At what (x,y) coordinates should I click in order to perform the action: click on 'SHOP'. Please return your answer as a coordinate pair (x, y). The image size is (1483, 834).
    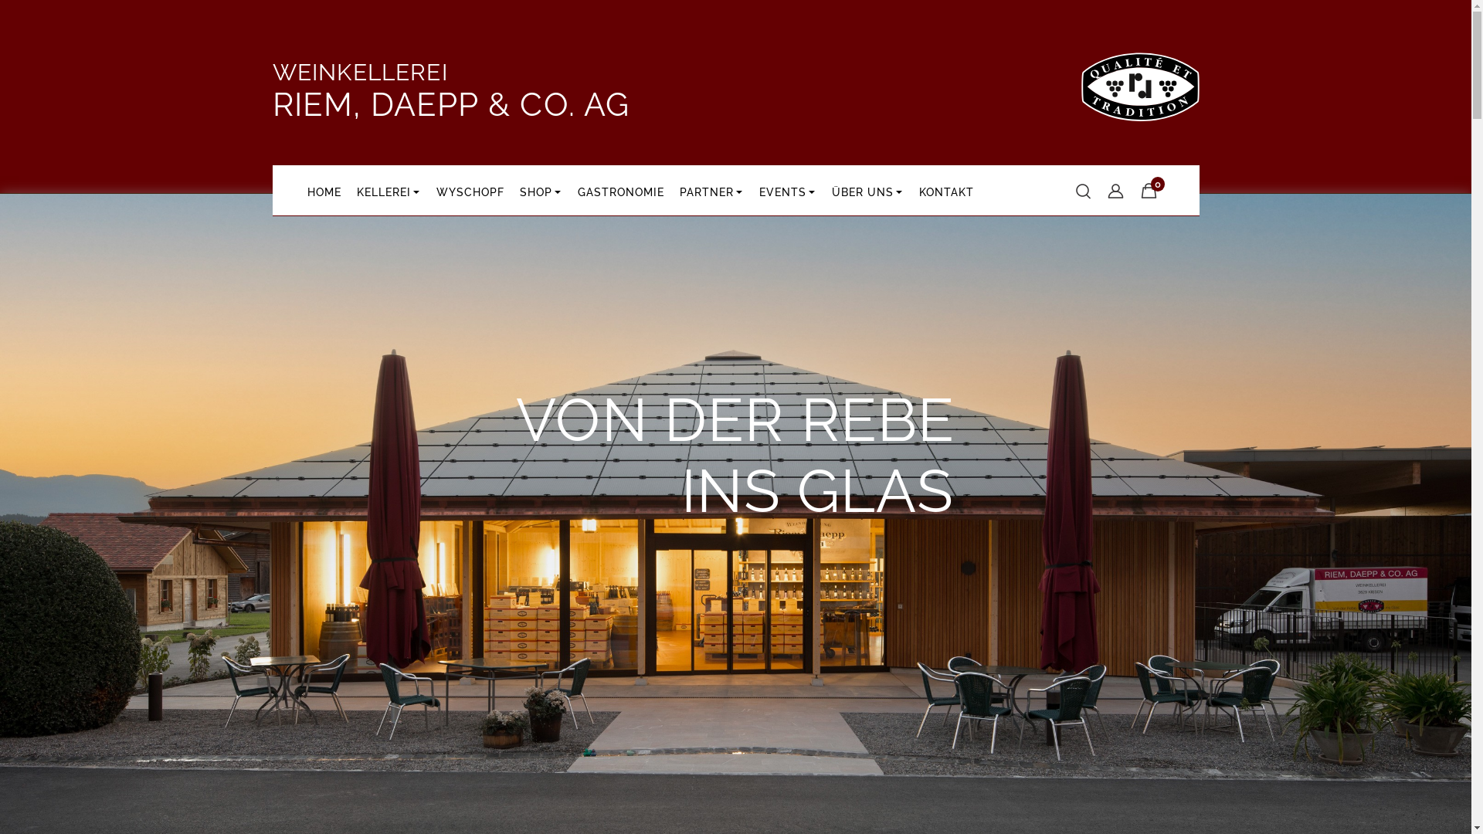
    Looking at the image, I should click on (511, 189).